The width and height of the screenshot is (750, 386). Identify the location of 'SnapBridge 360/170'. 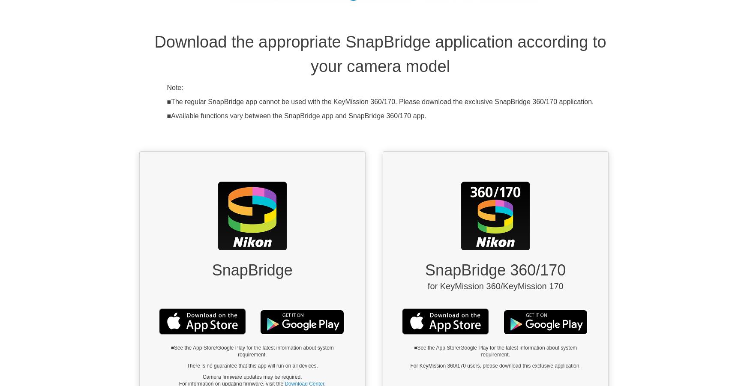
(495, 270).